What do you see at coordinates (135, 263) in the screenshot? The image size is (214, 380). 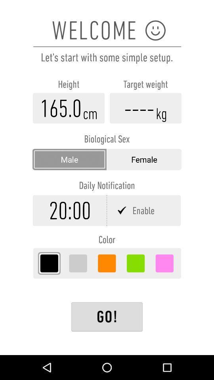 I see `pick color green` at bounding box center [135, 263].